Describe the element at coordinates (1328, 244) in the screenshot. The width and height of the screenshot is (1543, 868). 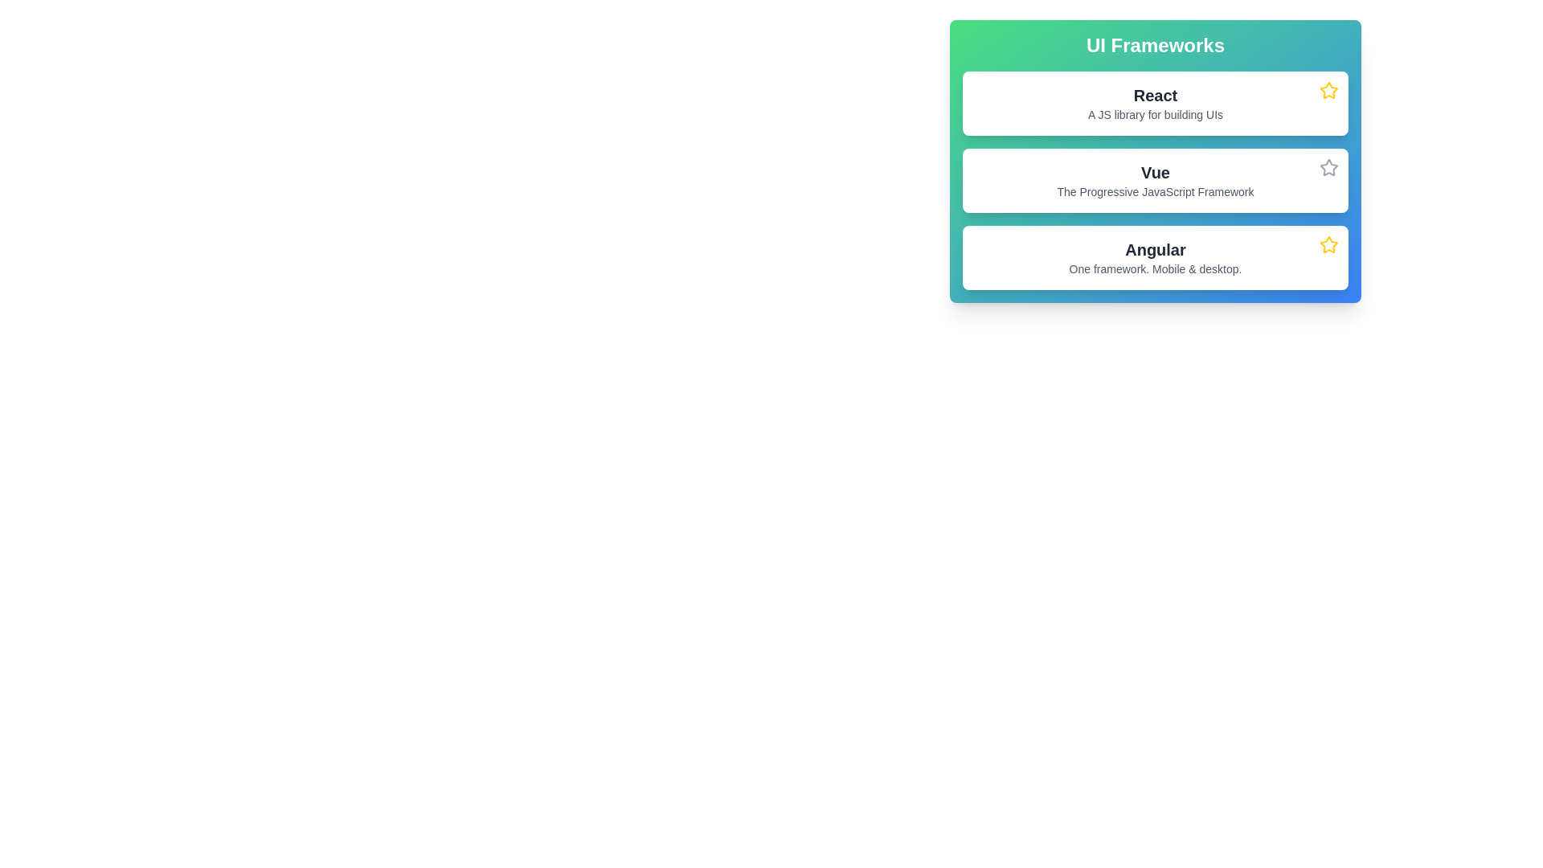
I see `the star-shaped icon with a yellow stroke located in the bottommost 'Angular' card` at that location.